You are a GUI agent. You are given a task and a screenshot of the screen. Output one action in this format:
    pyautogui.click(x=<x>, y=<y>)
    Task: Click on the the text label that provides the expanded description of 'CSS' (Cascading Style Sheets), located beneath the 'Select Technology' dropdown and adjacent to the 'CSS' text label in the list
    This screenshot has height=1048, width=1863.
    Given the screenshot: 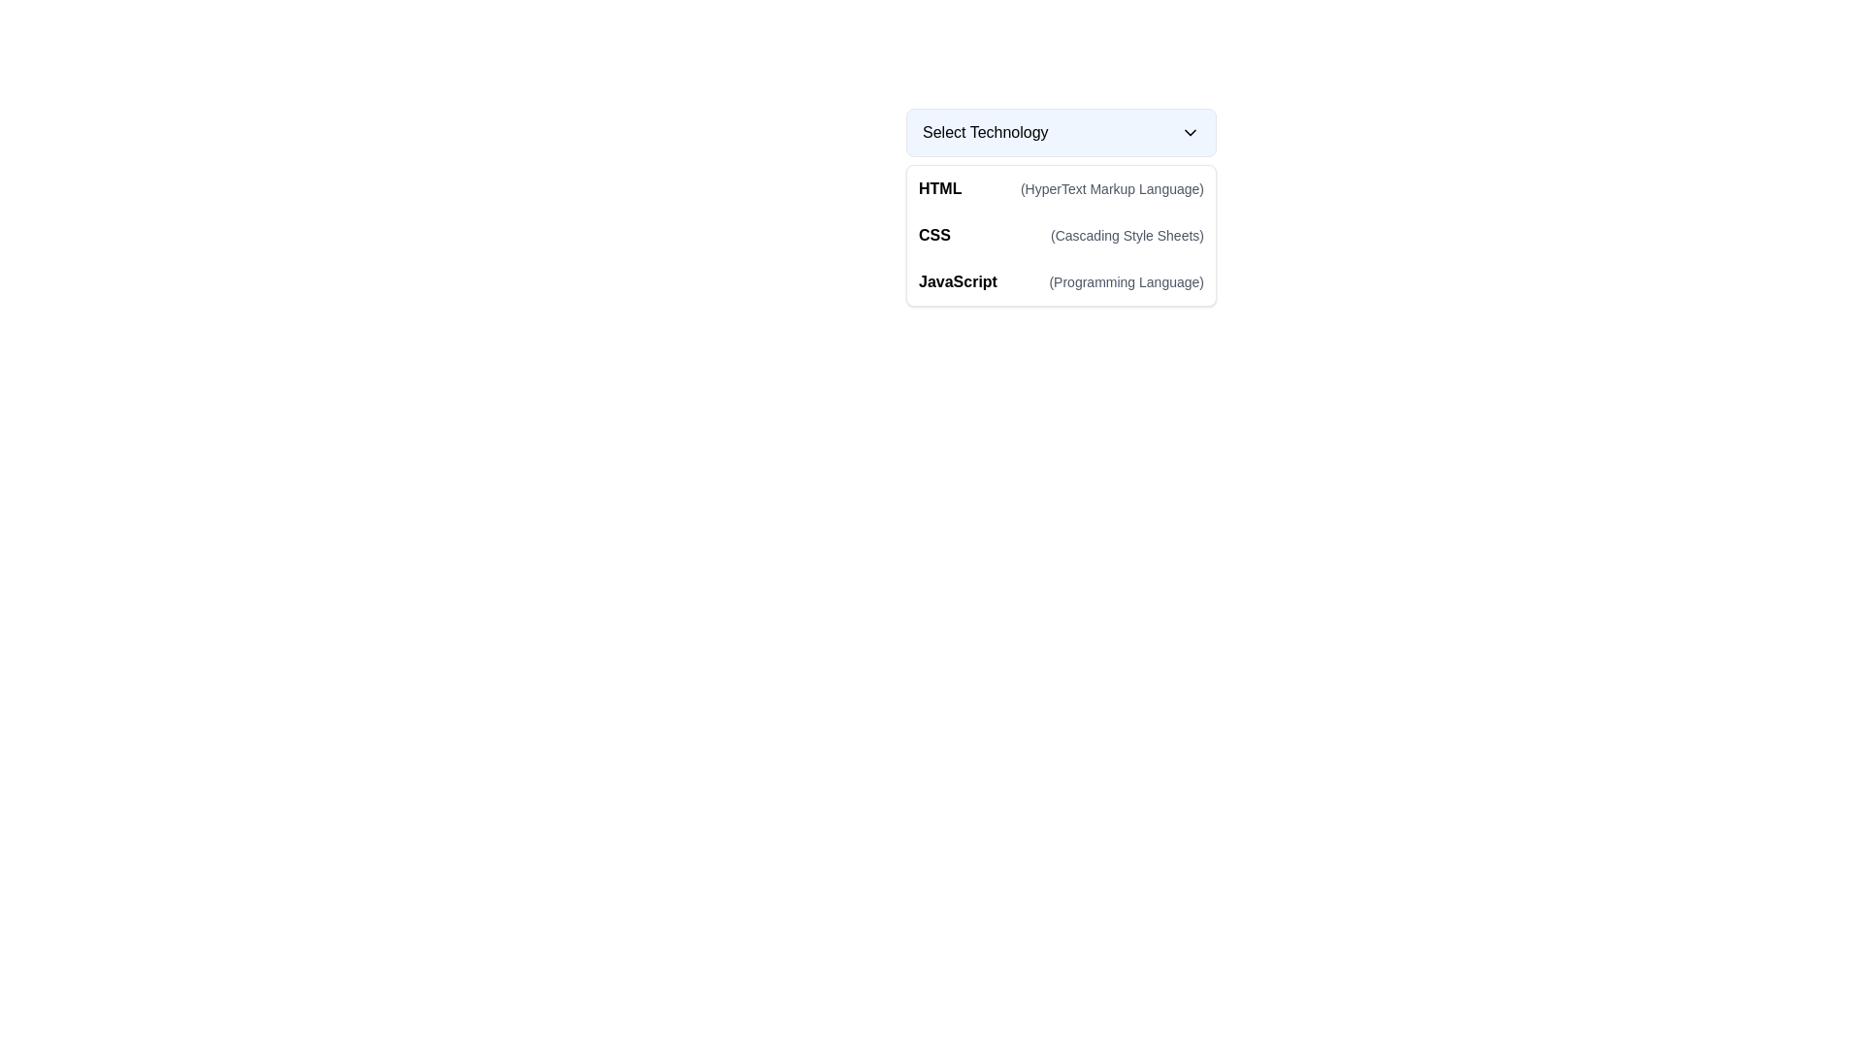 What is the action you would take?
    pyautogui.click(x=1127, y=235)
    